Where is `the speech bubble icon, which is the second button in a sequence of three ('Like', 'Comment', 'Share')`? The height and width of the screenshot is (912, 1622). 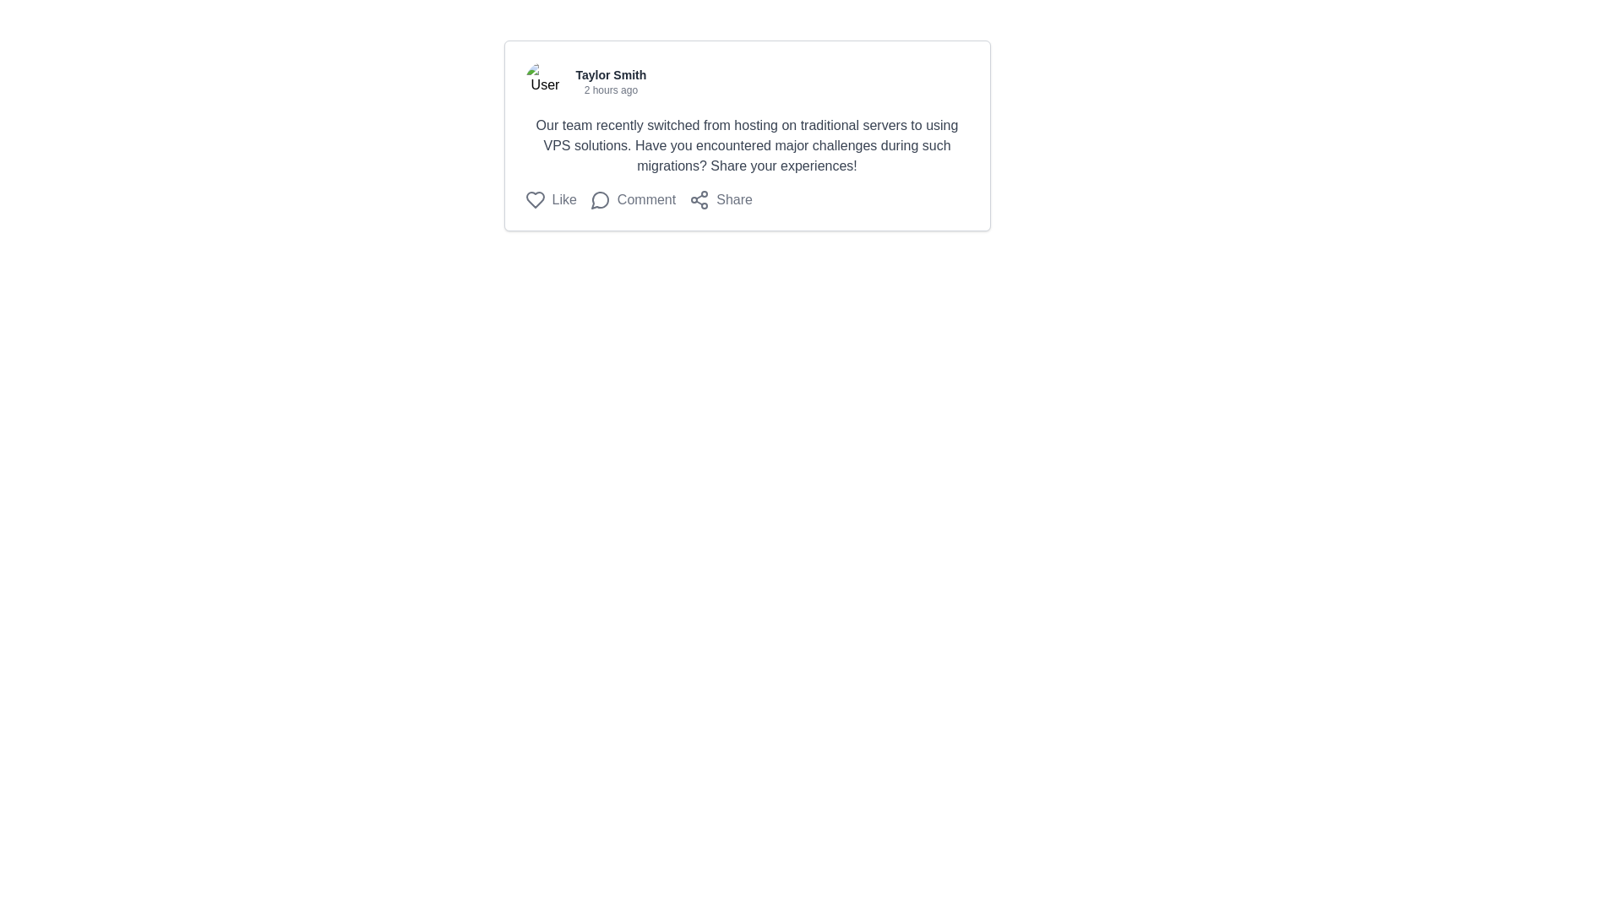 the speech bubble icon, which is the second button in a sequence of three ('Like', 'Comment', 'Share') is located at coordinates (632, 198).